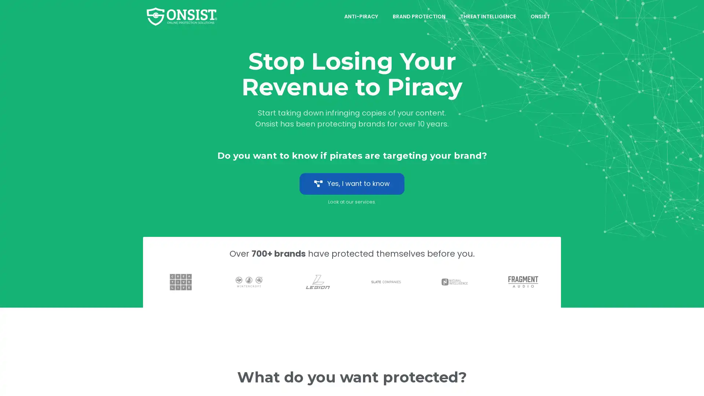  What do you see at coordinates (352, 183) in the screenshot?
I see `Yes, I want to know` at bounding box center [352, 183].